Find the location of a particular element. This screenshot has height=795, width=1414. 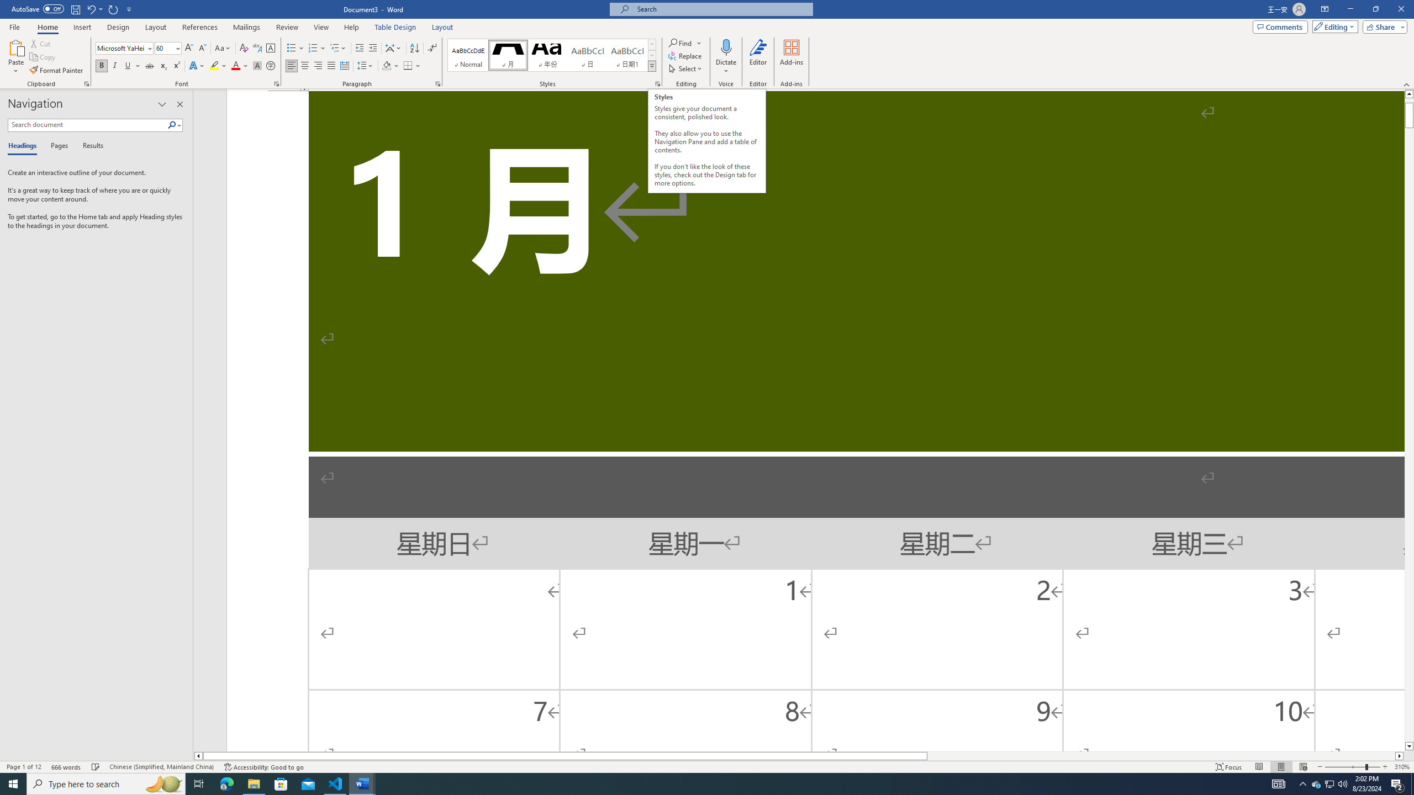

'Shading' is located at coordinates (390, 65).